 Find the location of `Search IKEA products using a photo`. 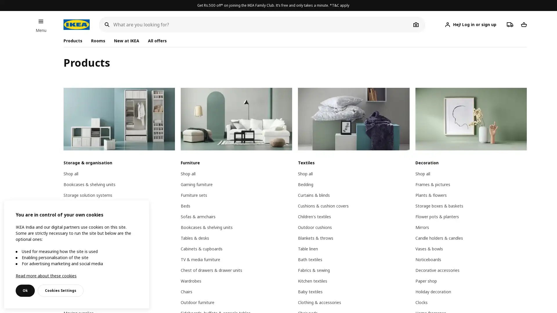

Search IKEA products using a photo is located at coordinates (416, 24).